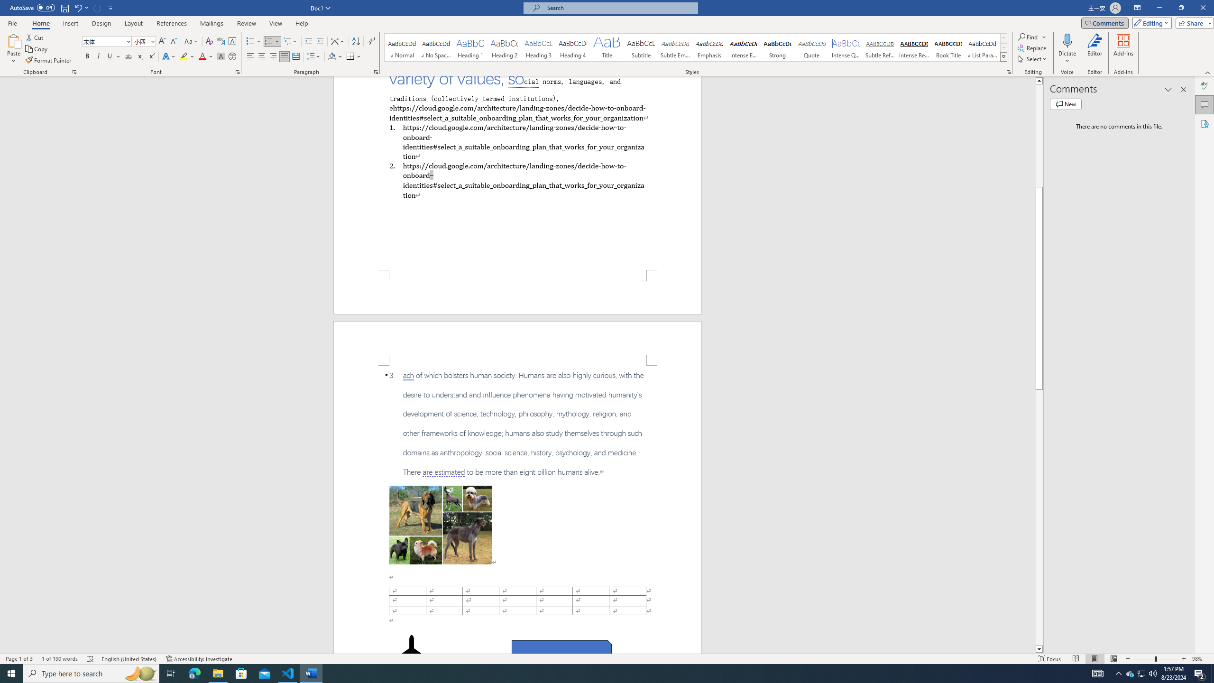  I want to click on 'Format Painter', so click(48, 60).